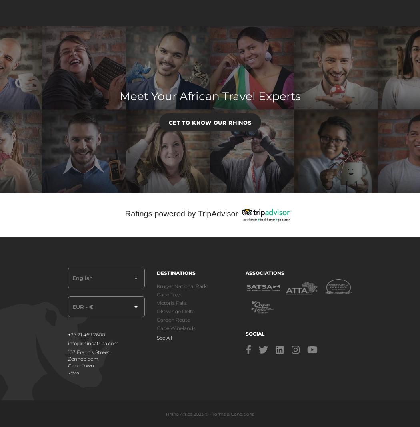  Describe the element at coordinates (264, 272) in the screenshot. I see `'Associations'` at that location.